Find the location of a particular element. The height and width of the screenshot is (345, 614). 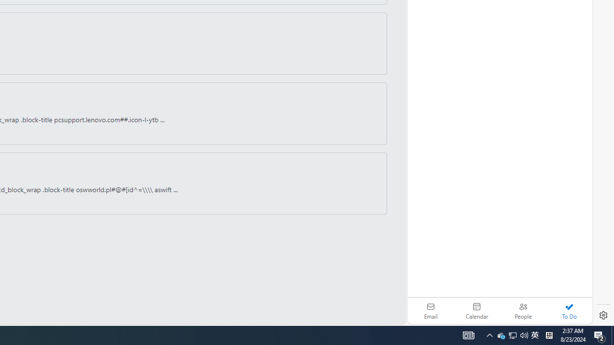

'Calendar. Date today is 22' is located at coordinates (477, 310).